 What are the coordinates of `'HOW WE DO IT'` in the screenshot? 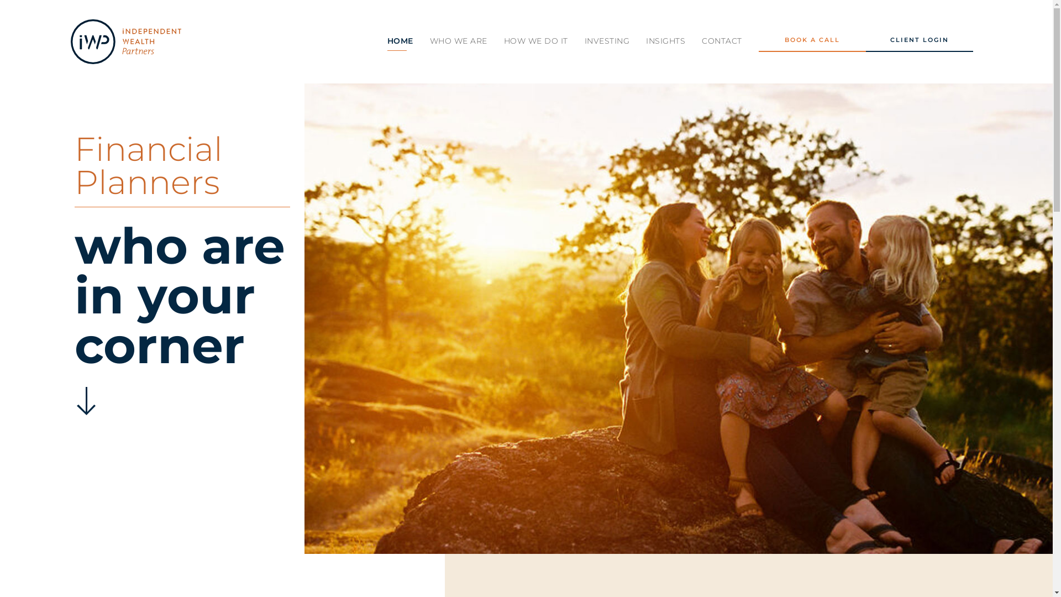 It's located at (535, 40).